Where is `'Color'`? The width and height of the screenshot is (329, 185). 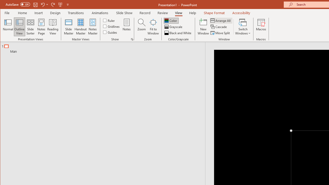 'Color' is located at coordinates (171, 20).